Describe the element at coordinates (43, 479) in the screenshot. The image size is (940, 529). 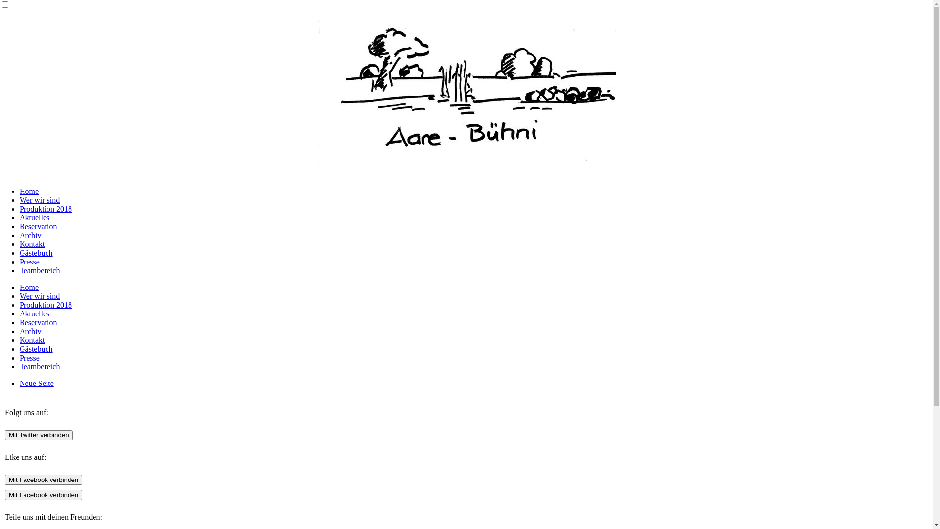
I see `'Mit Facebook verbinden'` at that location.